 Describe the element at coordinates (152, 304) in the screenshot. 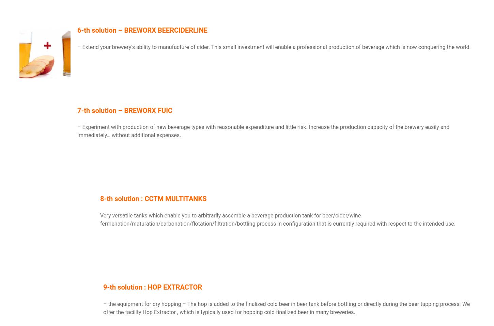

I see `'dry hopping'` at that location.